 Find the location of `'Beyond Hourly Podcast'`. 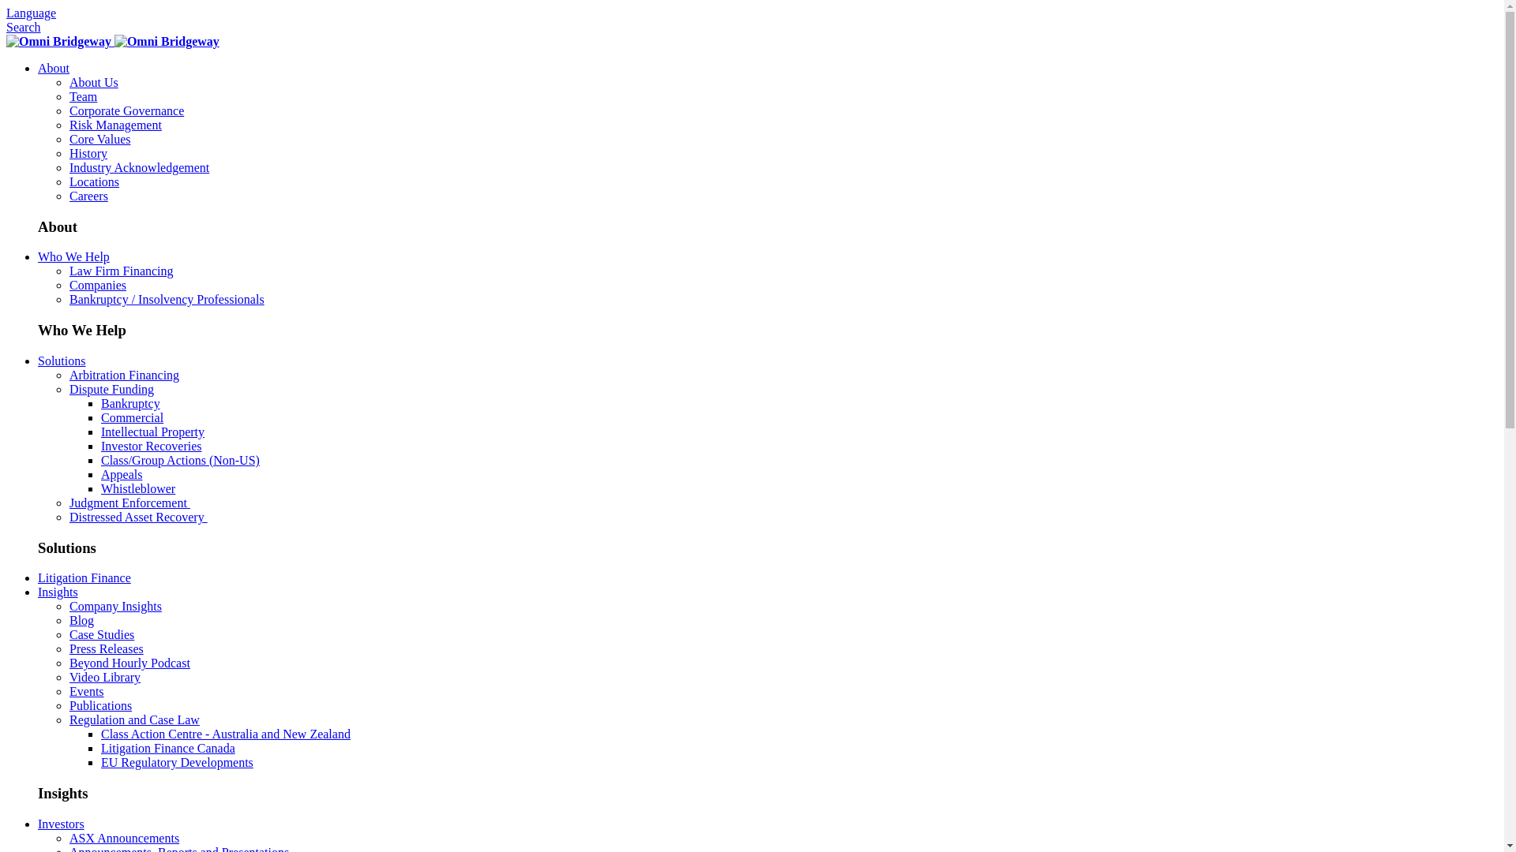

'Beyond Hourly Podcast' is located at coordinates (129, 663).